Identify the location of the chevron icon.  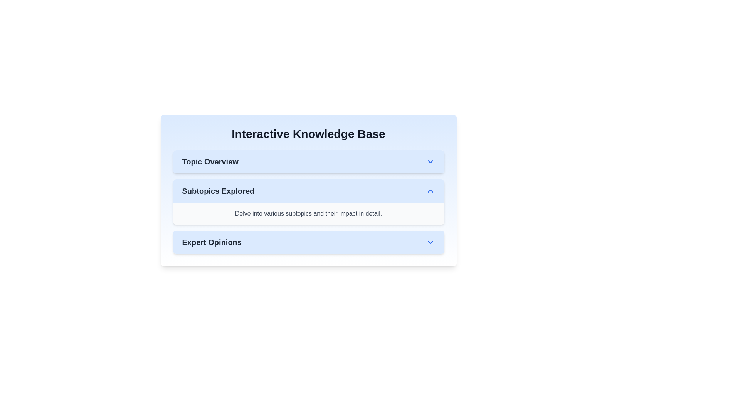
(430, 191).